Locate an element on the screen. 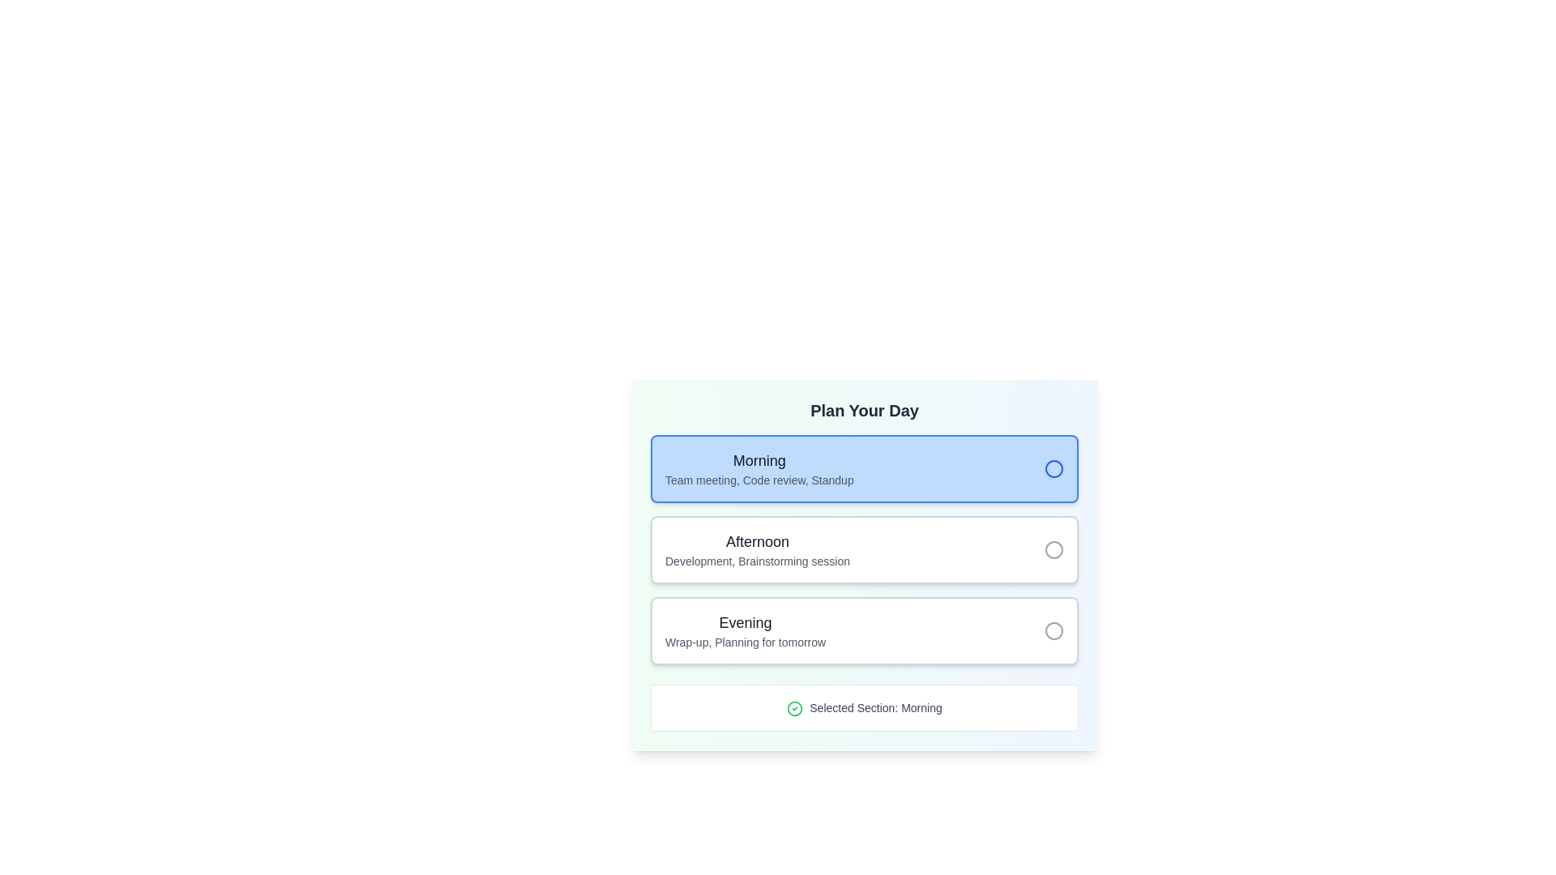 The width and height of the screenshot is (1556, 875). the text label displaying 'Evening', which is bold and dark gray, aligned horizontally at the bottom of the time schedule section is located at coordinates (745, 621).